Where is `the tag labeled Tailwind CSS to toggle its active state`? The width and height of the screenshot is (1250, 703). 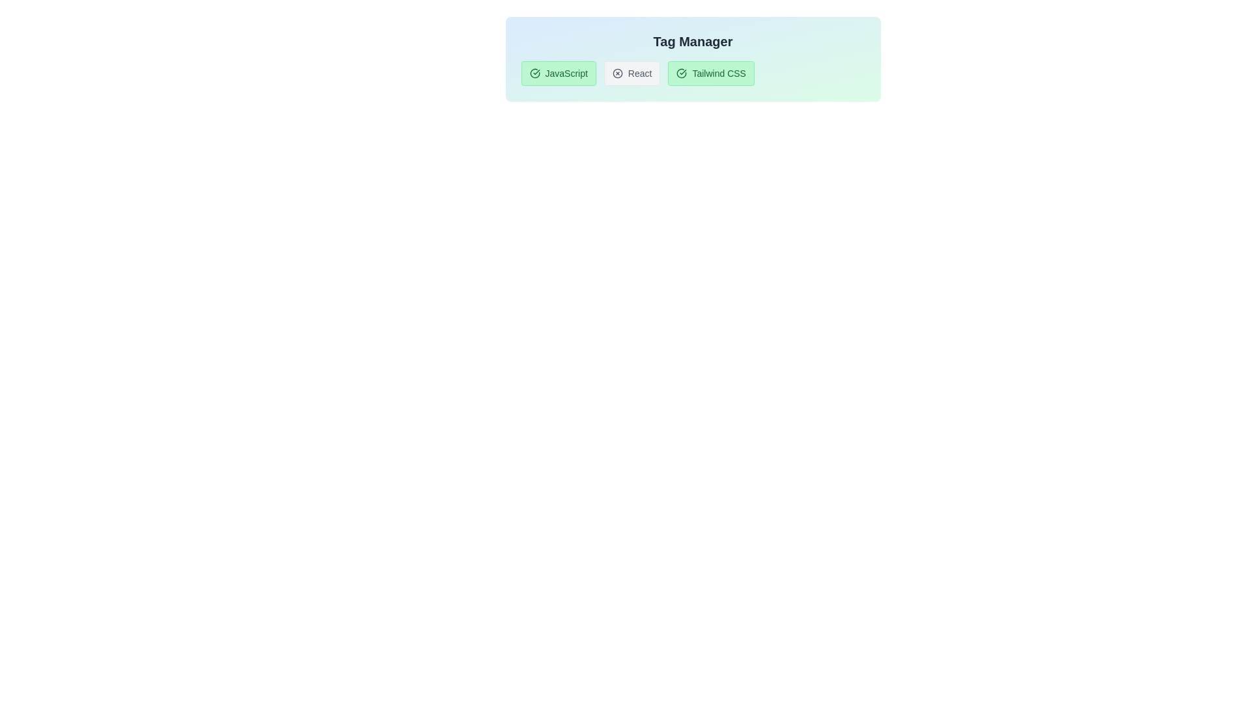 the tag labeled Tailwind CSS to toggle its active state is located at coordinates (710, 73).